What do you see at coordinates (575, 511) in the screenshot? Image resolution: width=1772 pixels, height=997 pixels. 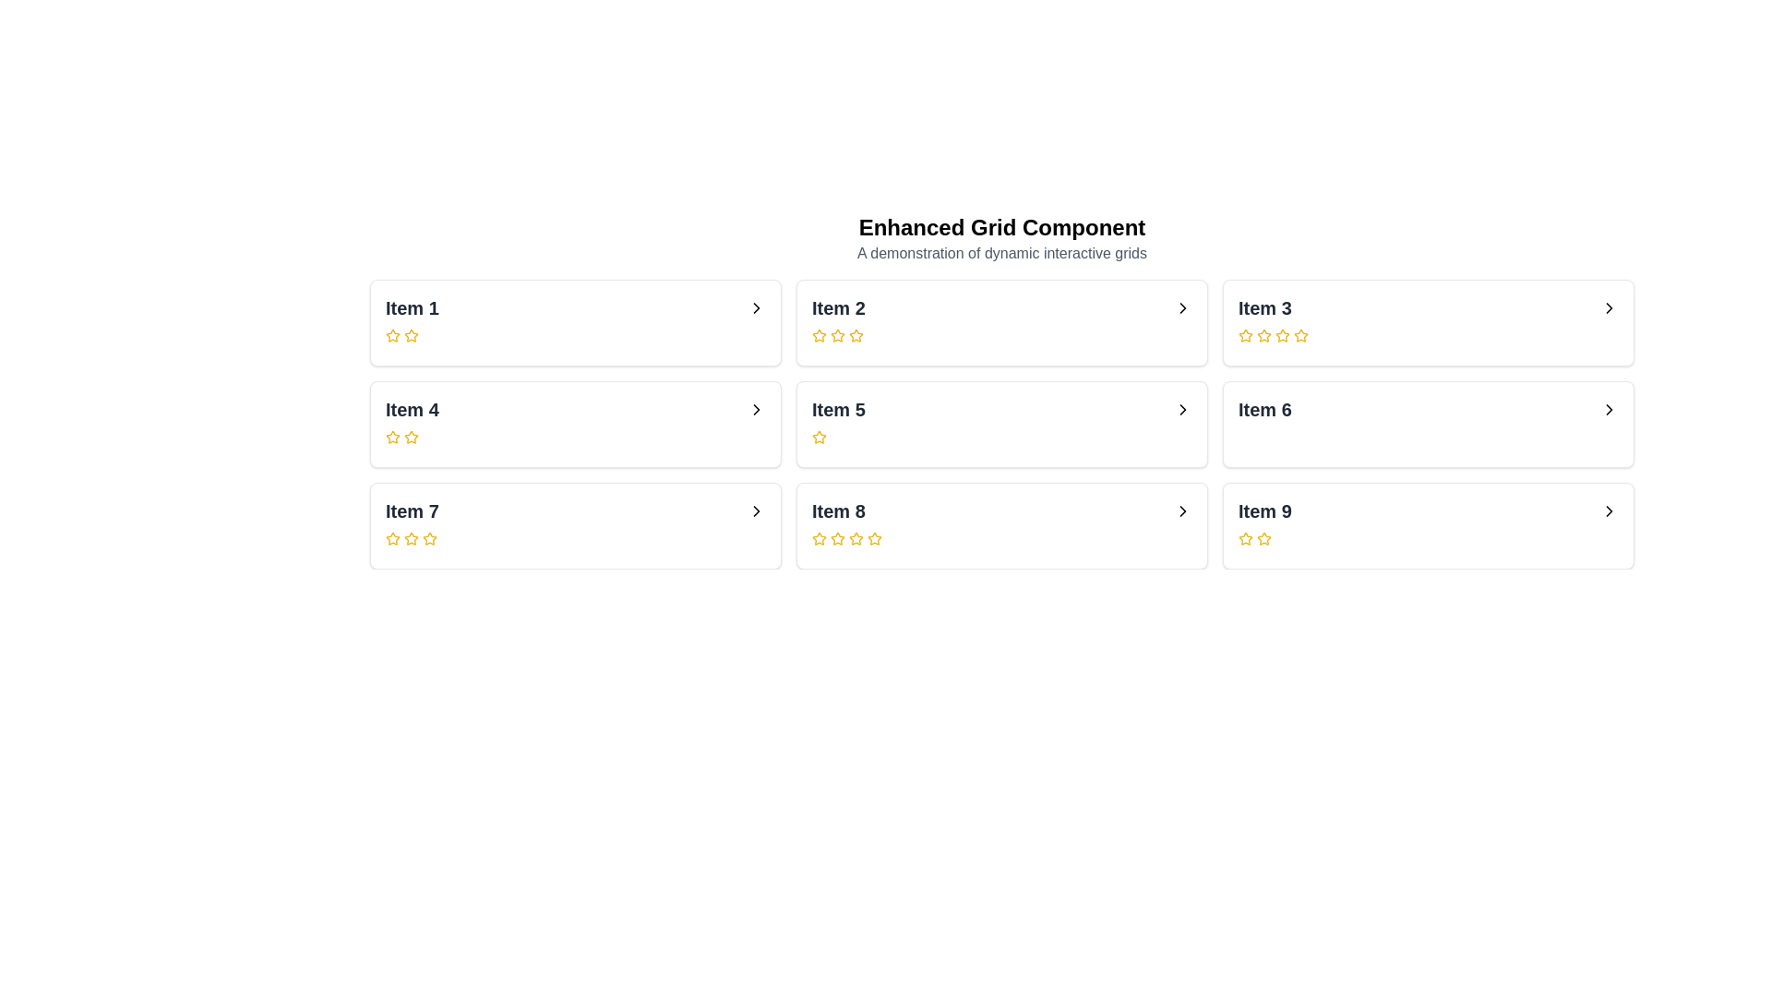 I see `the header labeled 'Item 7' for keyboard interaction by clicking on it` at bounding box center [575, 511].